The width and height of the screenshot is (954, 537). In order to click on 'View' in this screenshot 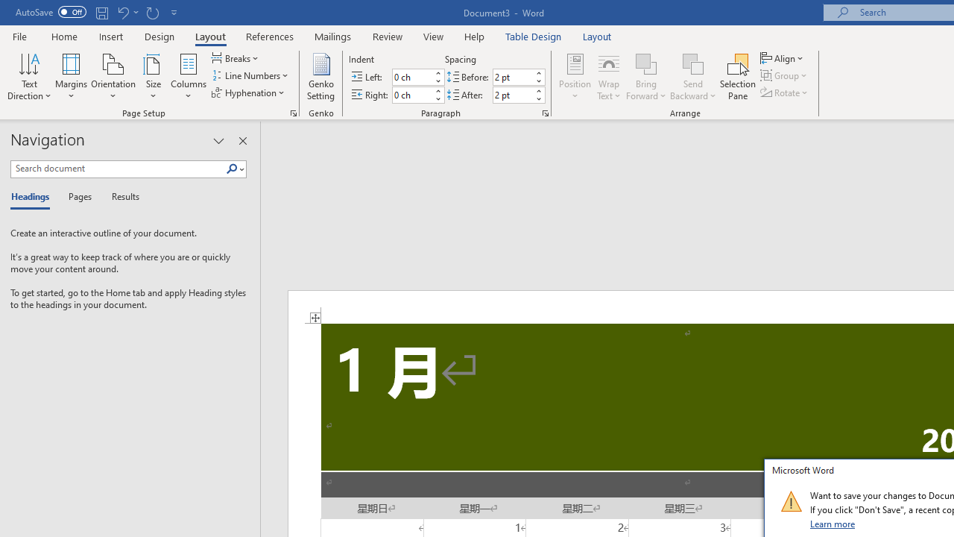, I will do `click(433, 36)`.